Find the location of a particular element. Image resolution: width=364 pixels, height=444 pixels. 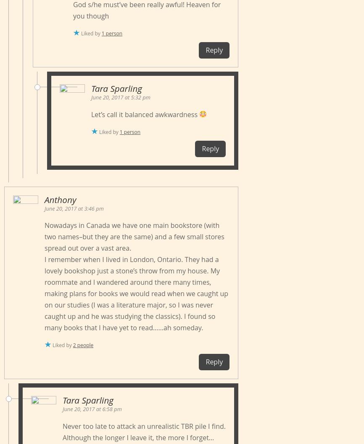

'Let’s call it balanced awkwardness' is located at coordinates (145, 113).